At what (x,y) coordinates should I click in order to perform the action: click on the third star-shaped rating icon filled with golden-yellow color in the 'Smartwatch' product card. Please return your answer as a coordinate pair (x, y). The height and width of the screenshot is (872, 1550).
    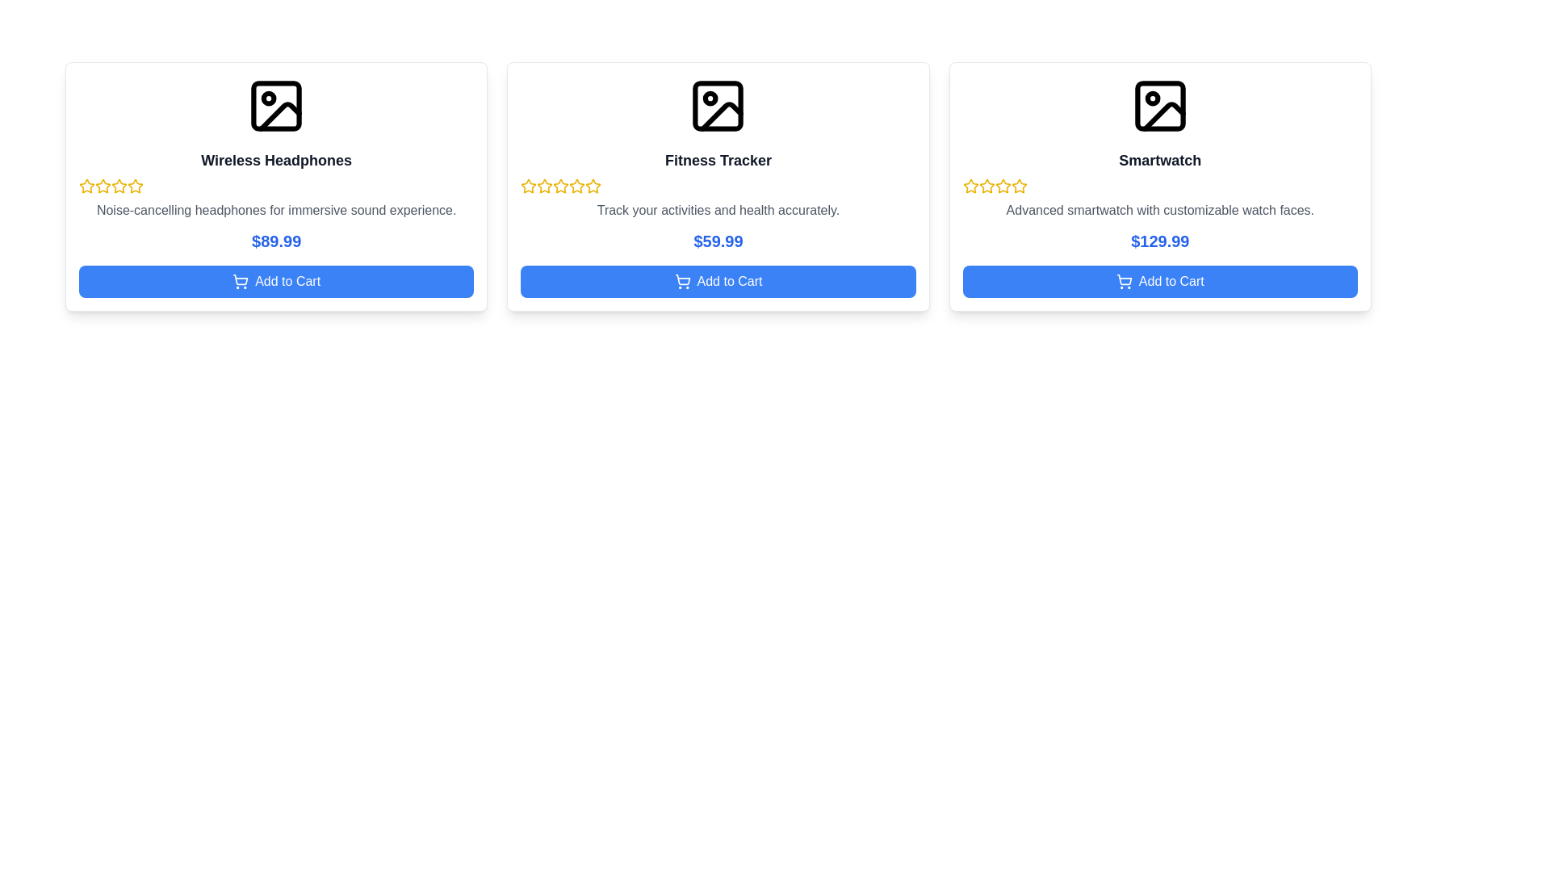
    Looking at the image, I should click on (1002, 185).